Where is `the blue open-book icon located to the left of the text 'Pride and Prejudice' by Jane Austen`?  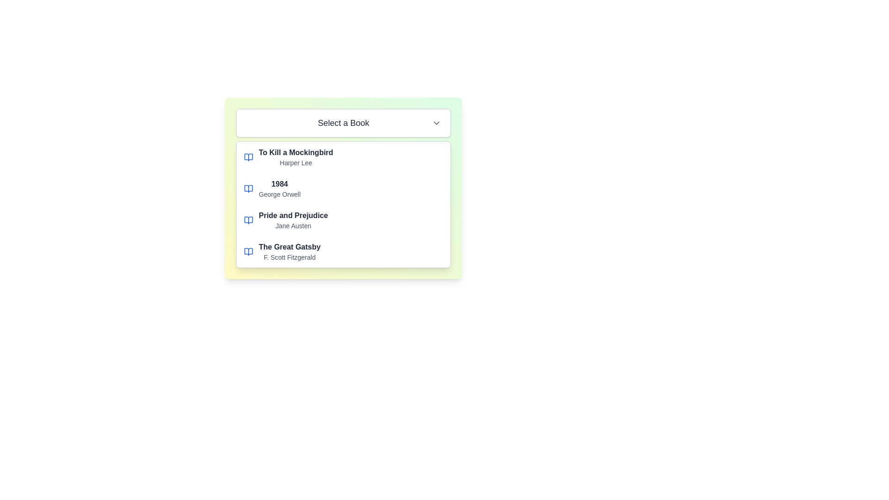
the blue open-book icon located to the left of the text 'Pride and Prejudice' by Jane Austen is located at coordinates (249, 220).